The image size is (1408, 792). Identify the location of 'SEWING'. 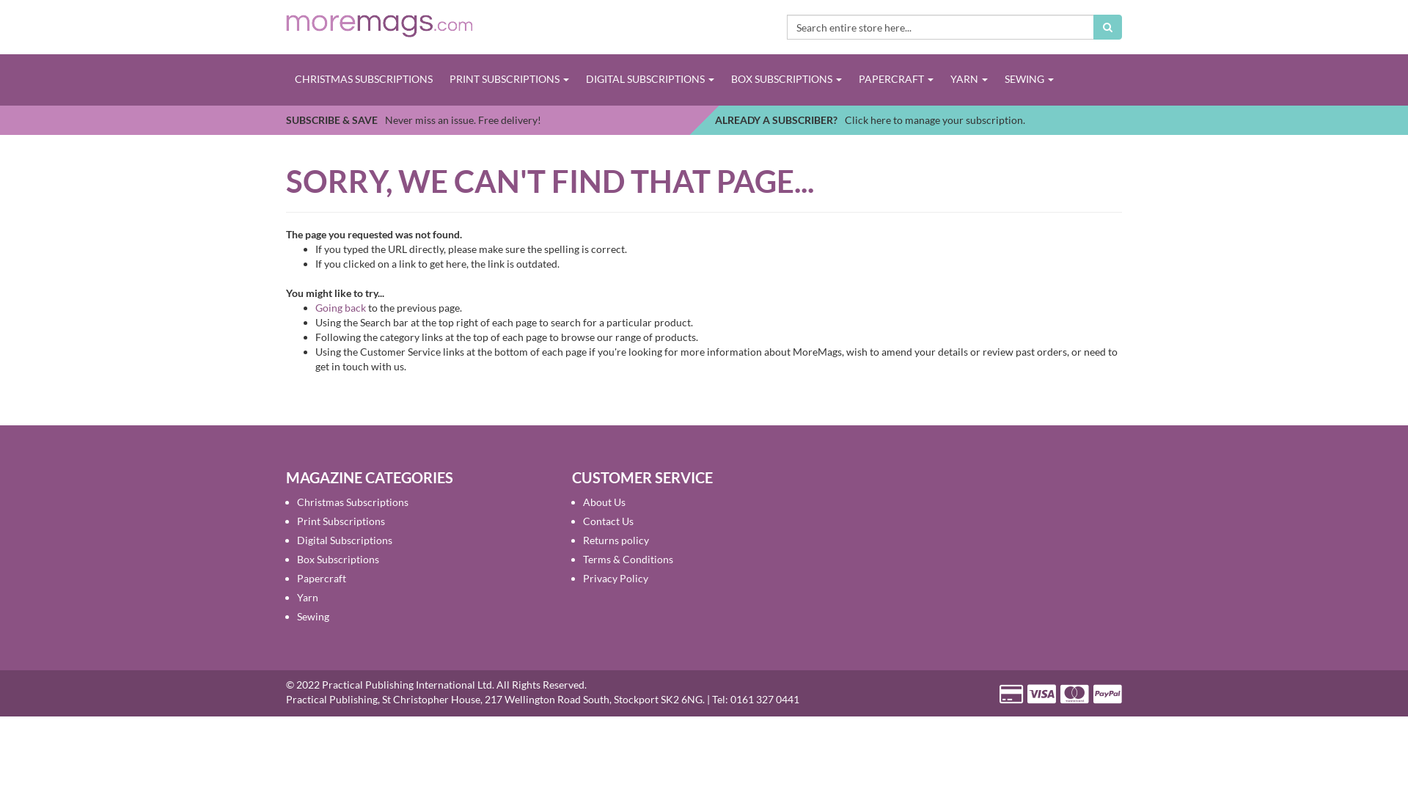
(1027, 79).